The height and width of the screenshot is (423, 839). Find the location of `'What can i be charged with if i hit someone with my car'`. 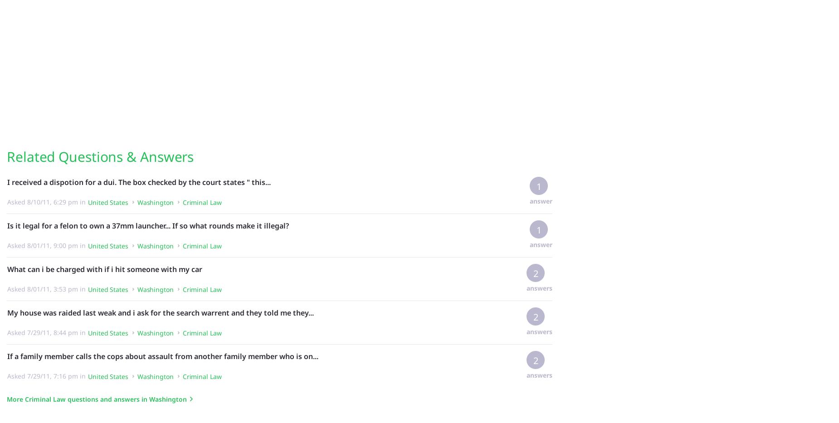

'What can i be charged with if i hit someone with my car' is located at coordinates (104, 269).